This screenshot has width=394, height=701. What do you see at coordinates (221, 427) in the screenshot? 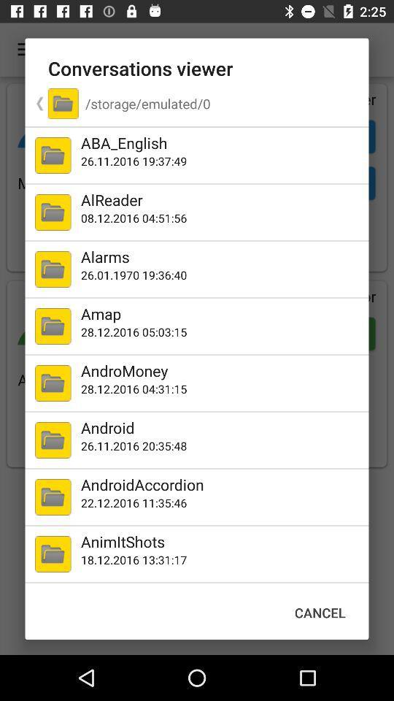
I see `icon above the 26 11 2016` at bounding box center [221, 427].